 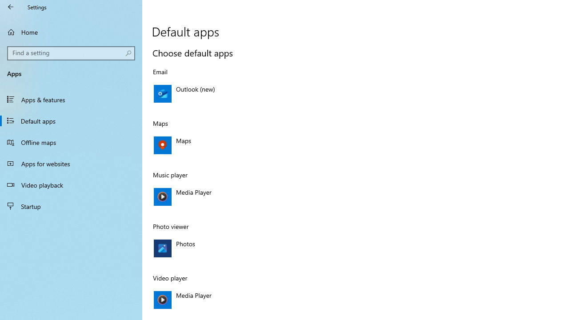 What do you see at coordinates (71, 53) in the screenshot?
I see `'Search box, Find a setting'` at bounding box center [71, 53].